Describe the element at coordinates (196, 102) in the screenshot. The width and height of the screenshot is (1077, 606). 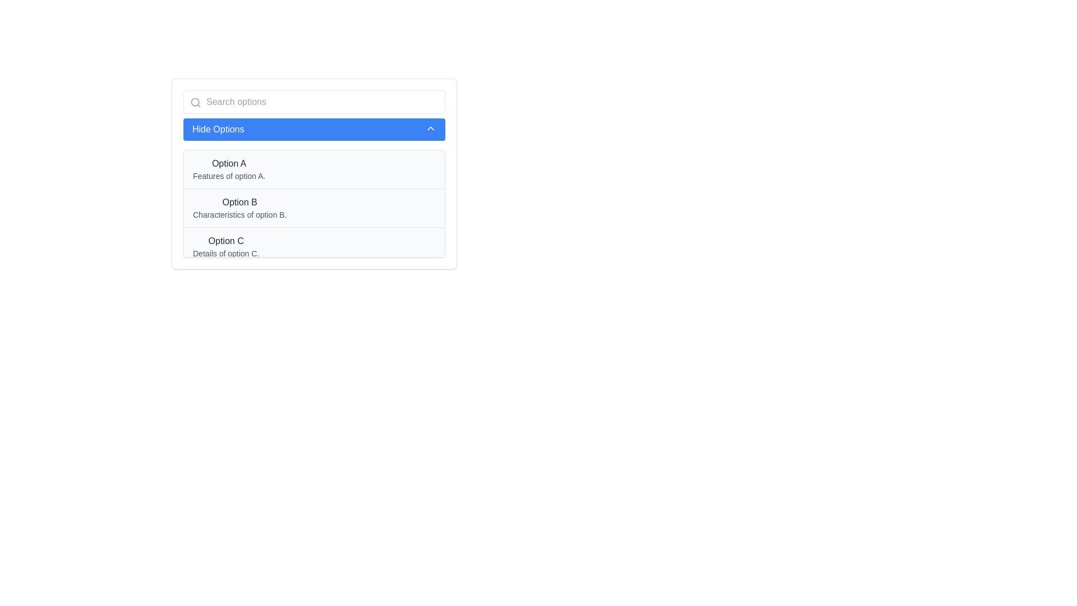
I see `the search icon located in the top left corner of the input field labeled 'Search options', which serves as a visual cue for search functionality` at that location.